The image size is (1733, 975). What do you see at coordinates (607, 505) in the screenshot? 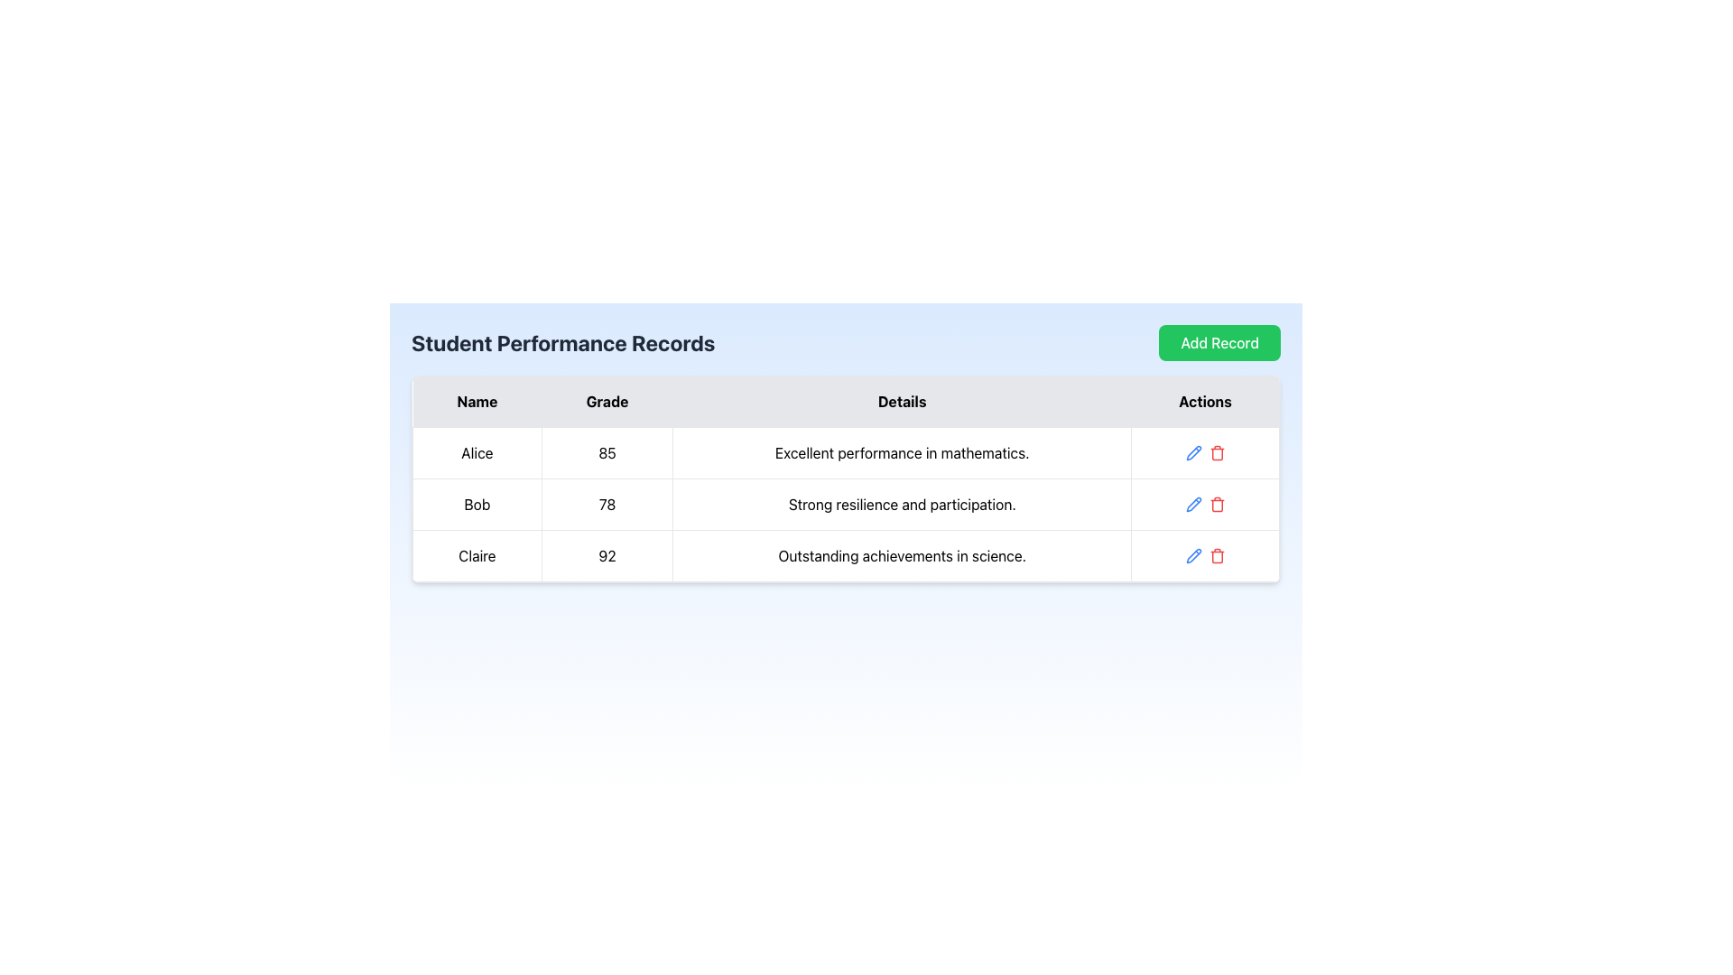
I see `the static text label displaying the number '78' located in the second row under the 'Grade' column of the 'Student Performance Records' table, following the row labeled 'Bob'` at bounding box center [607, 505].